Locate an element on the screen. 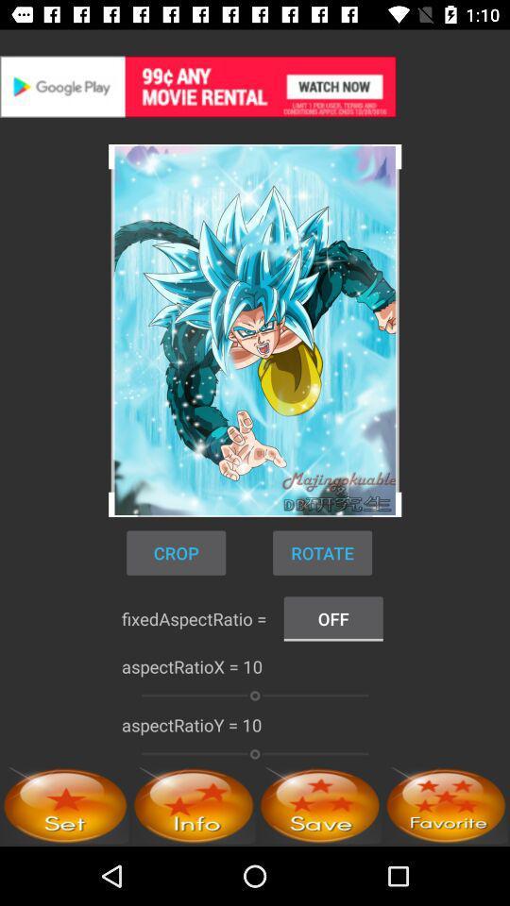  set is located at coordinates (64, 804).